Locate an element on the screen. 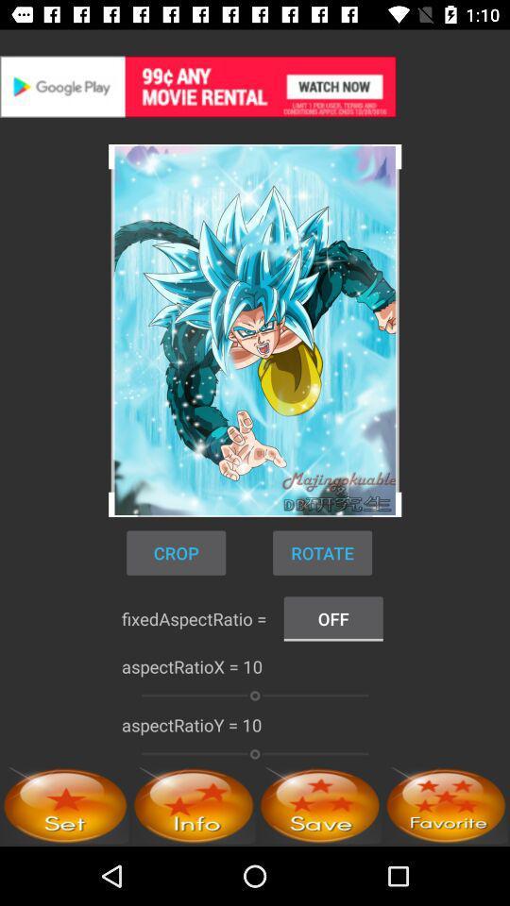  set is located at coordinates (64, 804).